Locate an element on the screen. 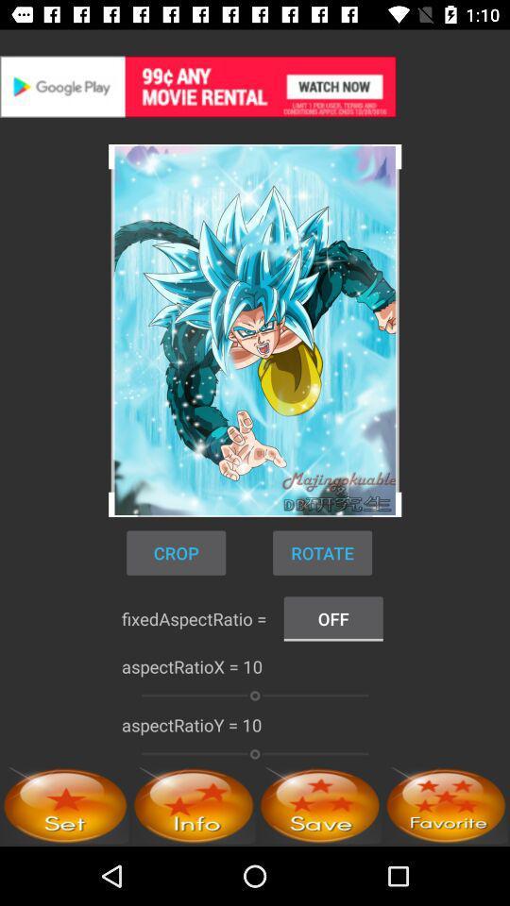  set is located at coordinates (64, 804).